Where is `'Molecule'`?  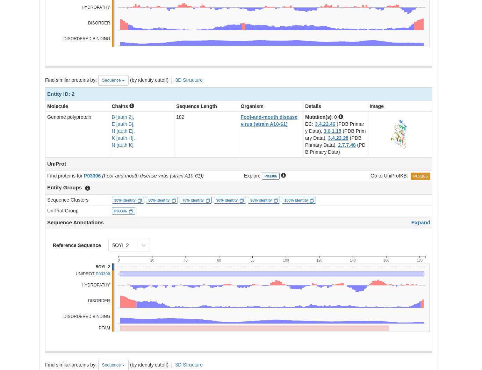
'Molecule' is located at coordinates (47, 106).